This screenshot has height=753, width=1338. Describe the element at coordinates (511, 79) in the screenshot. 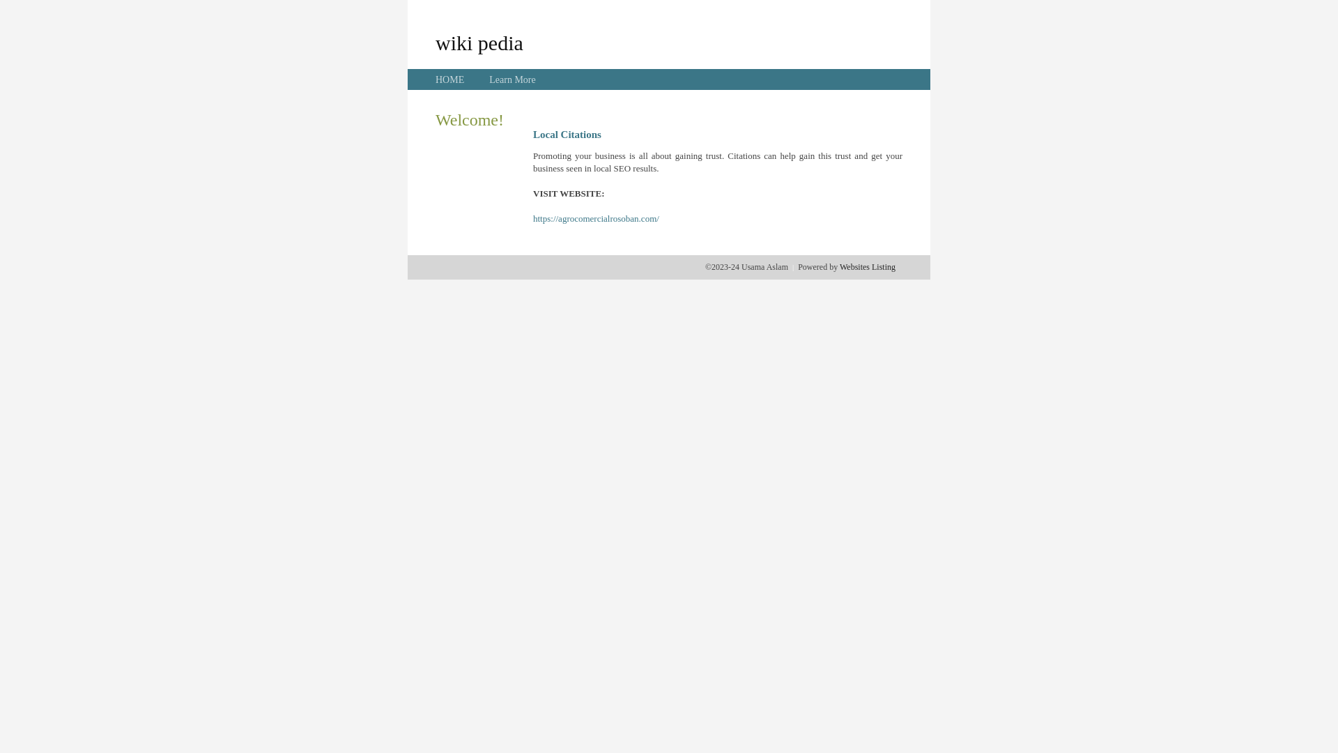

I see `'Learn More'` at that location.